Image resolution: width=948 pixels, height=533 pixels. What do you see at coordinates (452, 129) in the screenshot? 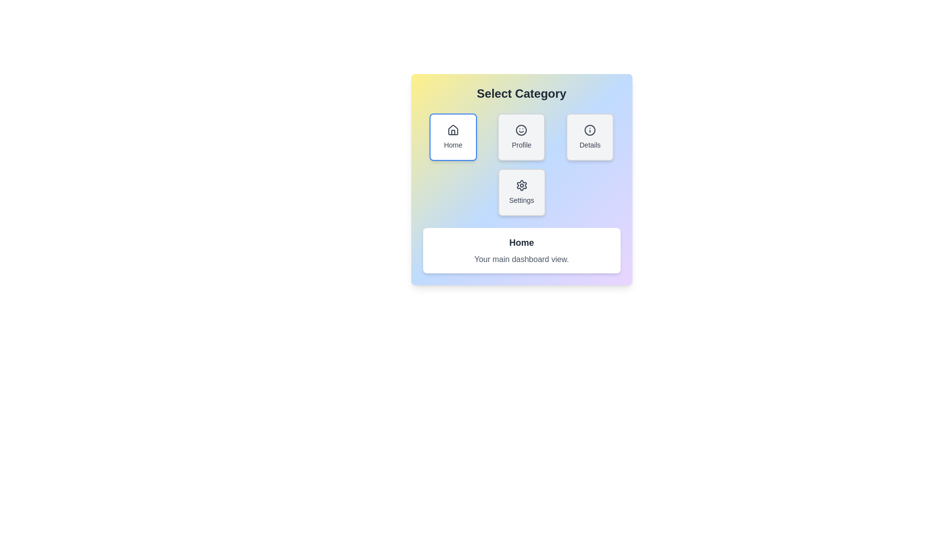
I see `the house icon representing 'Home'` at bounding box center [452, 129].